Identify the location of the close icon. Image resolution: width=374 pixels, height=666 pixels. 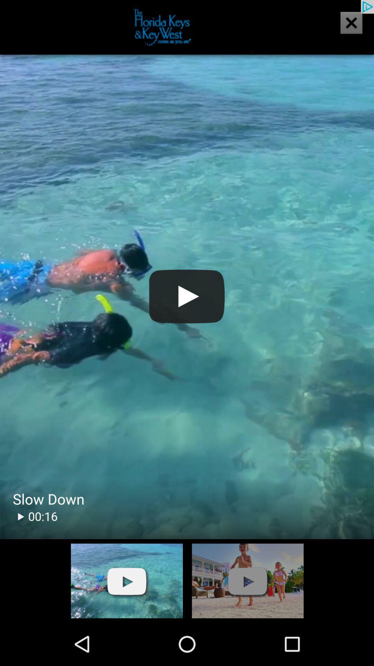
(351, 24).